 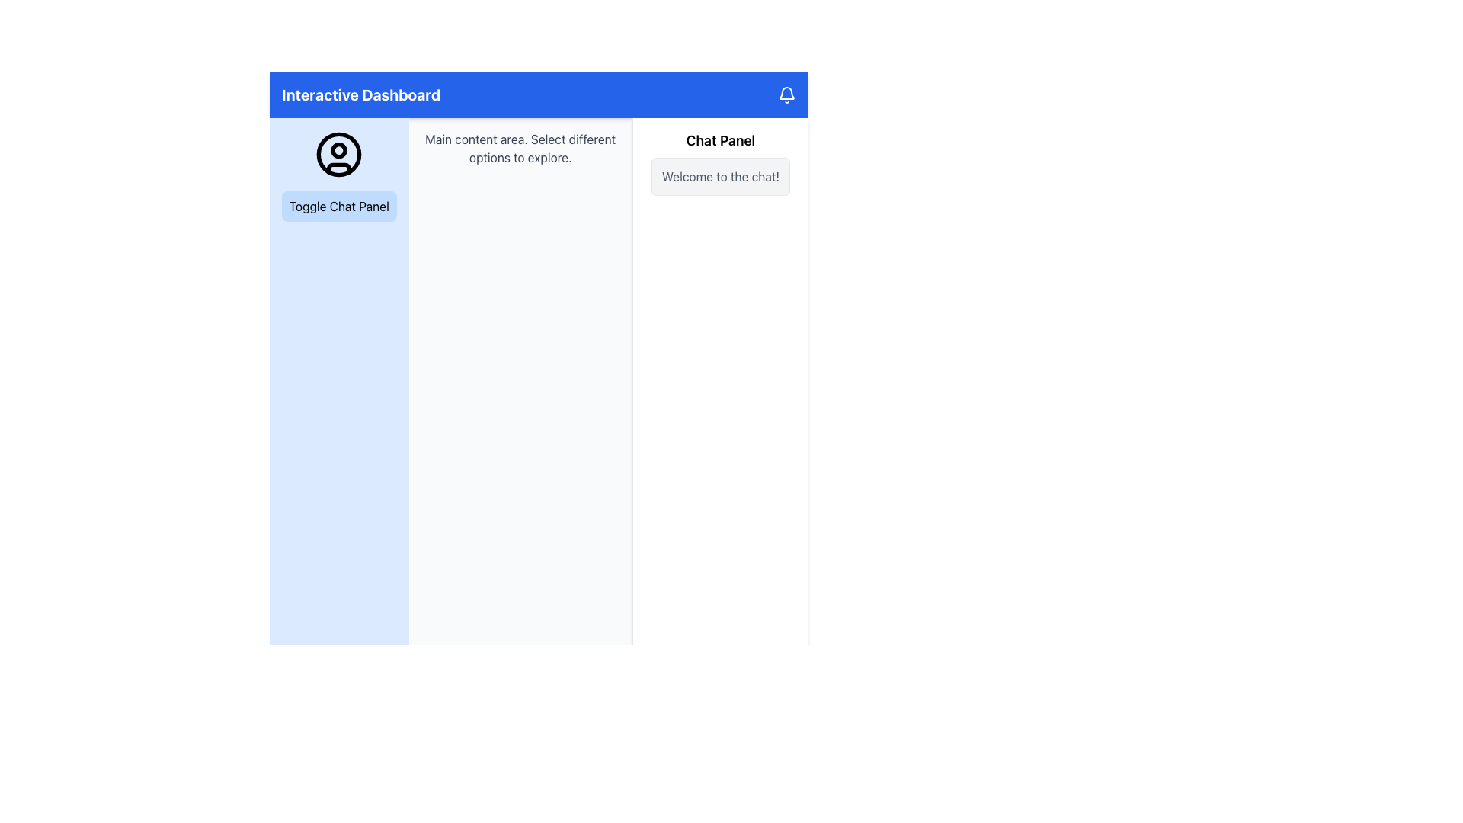 What do you see at coordinates (338, 155) in the screenshot?
I see `the user profile icon located in the blue sidebar, which is the topmost element above the 'Toggle Chat Panel' button` at bounding box center [338, 155].